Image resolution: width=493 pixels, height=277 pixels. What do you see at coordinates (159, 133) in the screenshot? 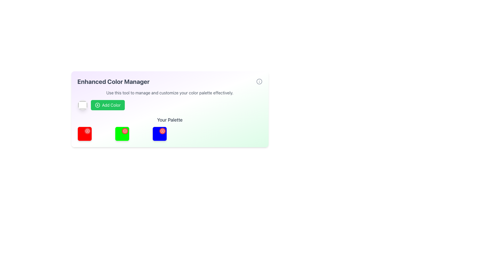
I see `the third interactive color palette item, which is a blue square with a rounded border and a red circular icon with a white 'X' in the top-right corner` at bounding box center [159, 133].